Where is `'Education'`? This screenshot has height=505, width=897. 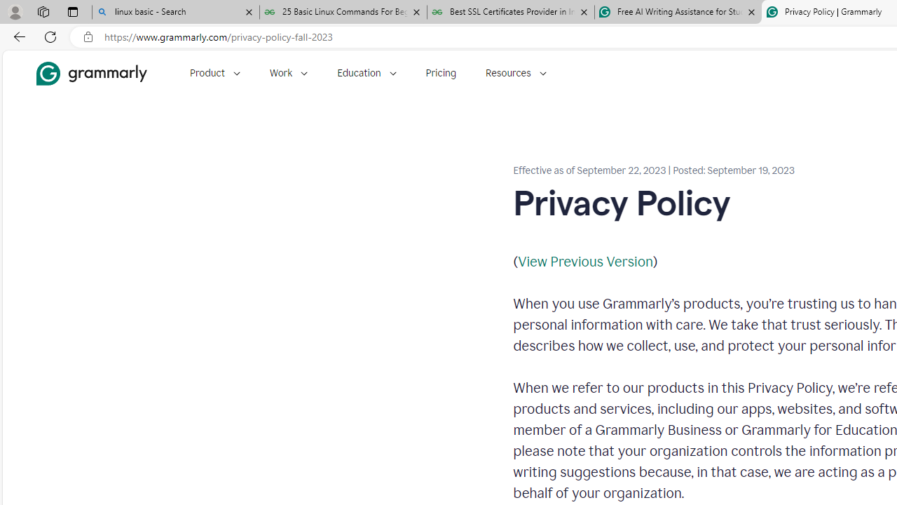 'Education' is located at coordinates (367, 73).